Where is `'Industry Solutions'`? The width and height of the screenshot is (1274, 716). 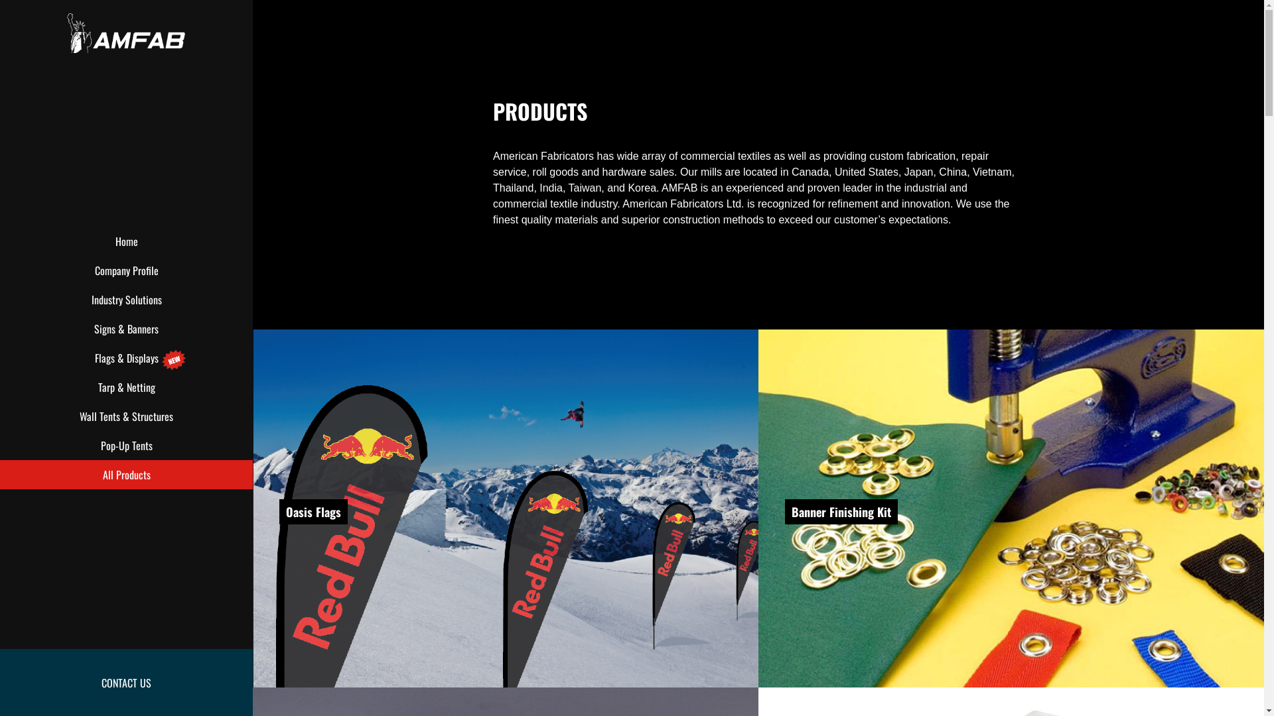 'Industry Solutions' is located at coordinates (126, 299).